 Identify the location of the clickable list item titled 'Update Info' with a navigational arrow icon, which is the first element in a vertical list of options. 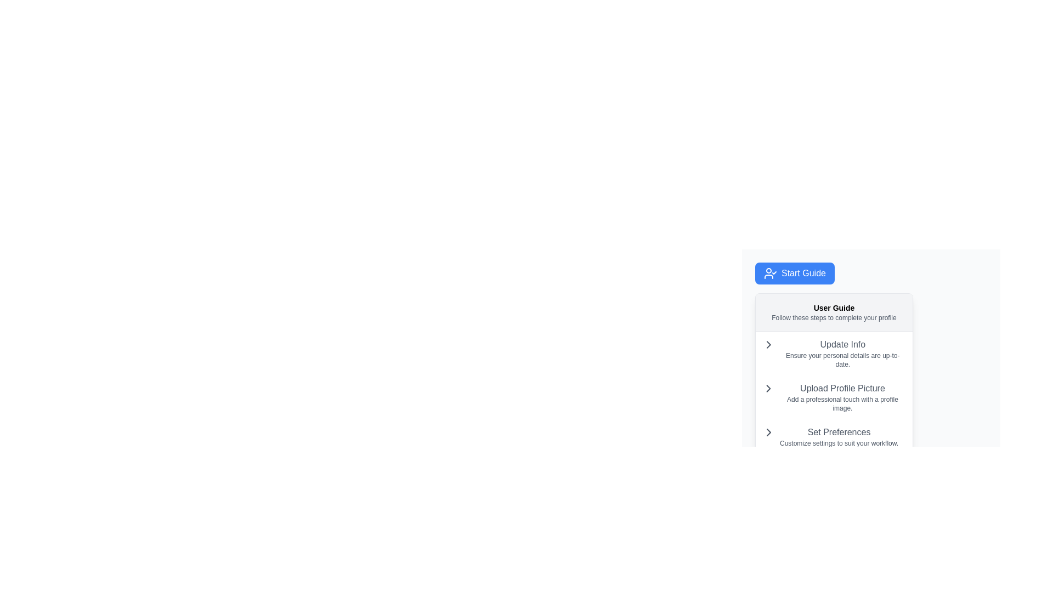
(834, 353).